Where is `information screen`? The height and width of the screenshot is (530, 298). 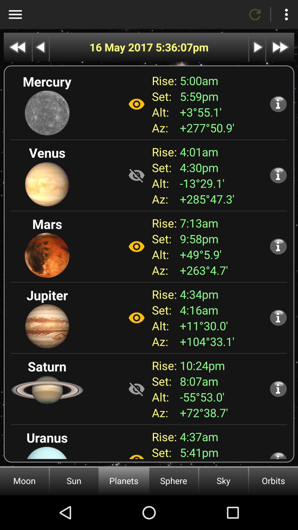 information screen is located at coordinates (278, 175).